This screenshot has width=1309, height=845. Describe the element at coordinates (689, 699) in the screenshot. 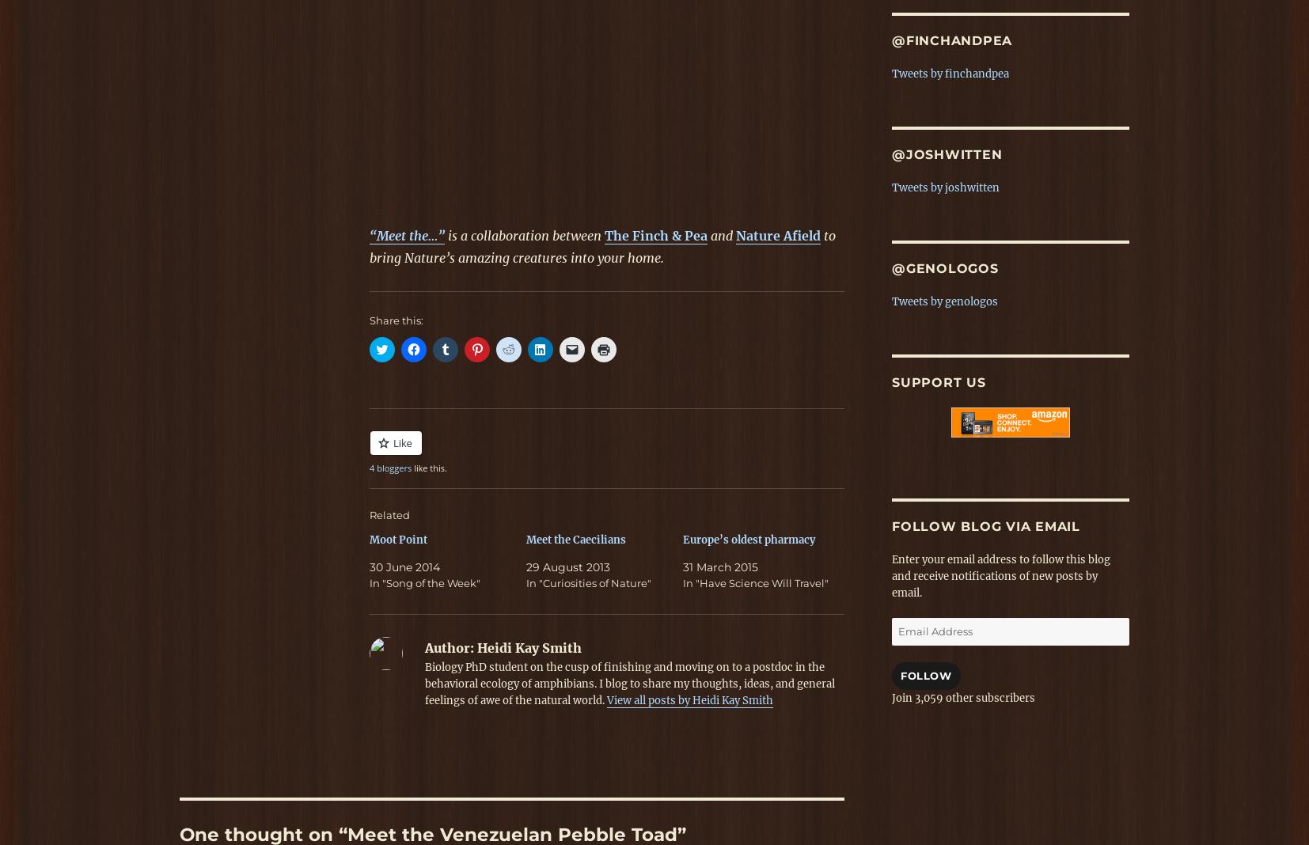

I see `'View all posts by Heidi Kay Smith'` at that location.